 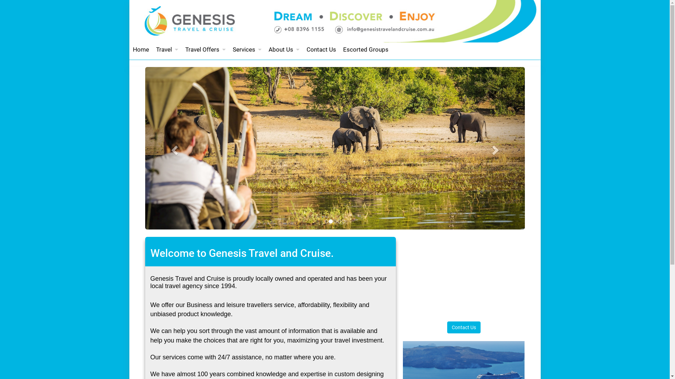 I want to click on 'Previous', so click(x=173, y=148).